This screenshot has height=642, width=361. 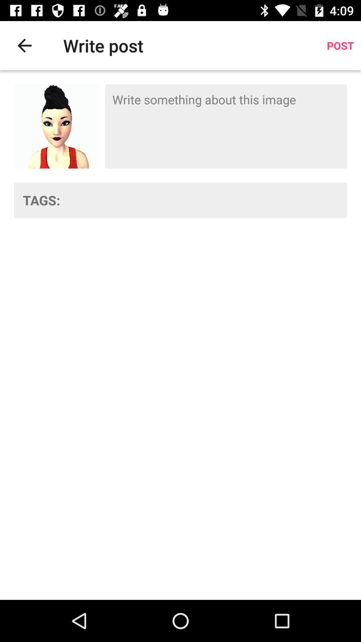 What do you see at coordinates (208, 200) in the screenshot?
I see `write tag words` at bounding box center [208, 200].